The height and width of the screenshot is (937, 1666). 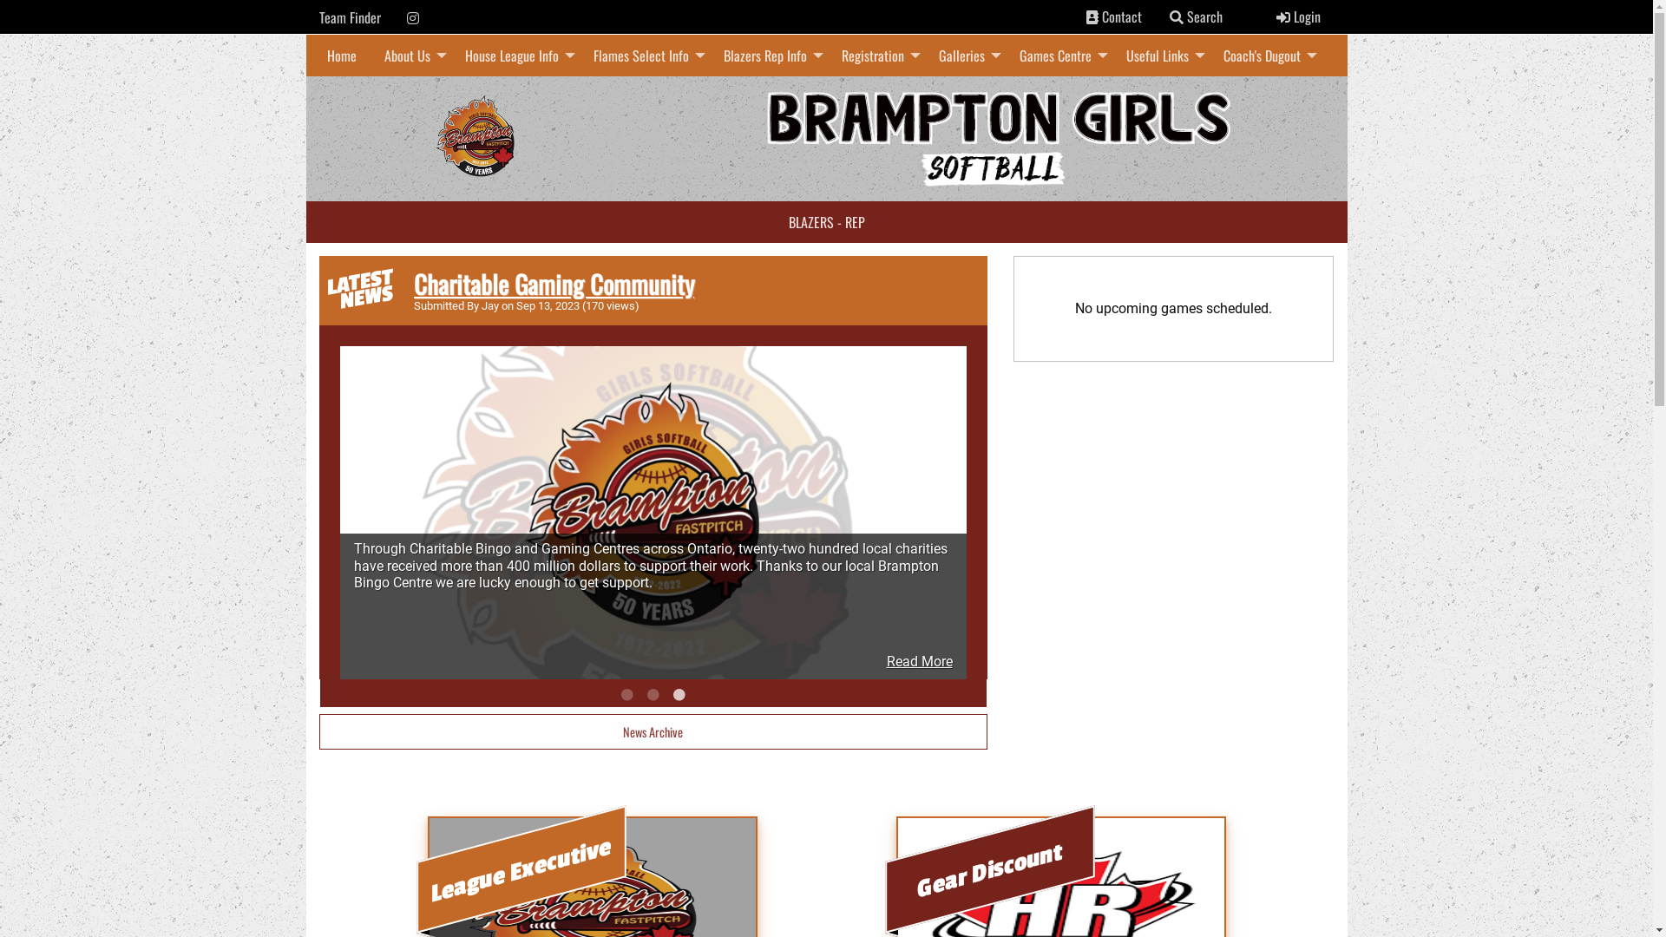 I want to click on 'Search', so click(x=1177, y=16).